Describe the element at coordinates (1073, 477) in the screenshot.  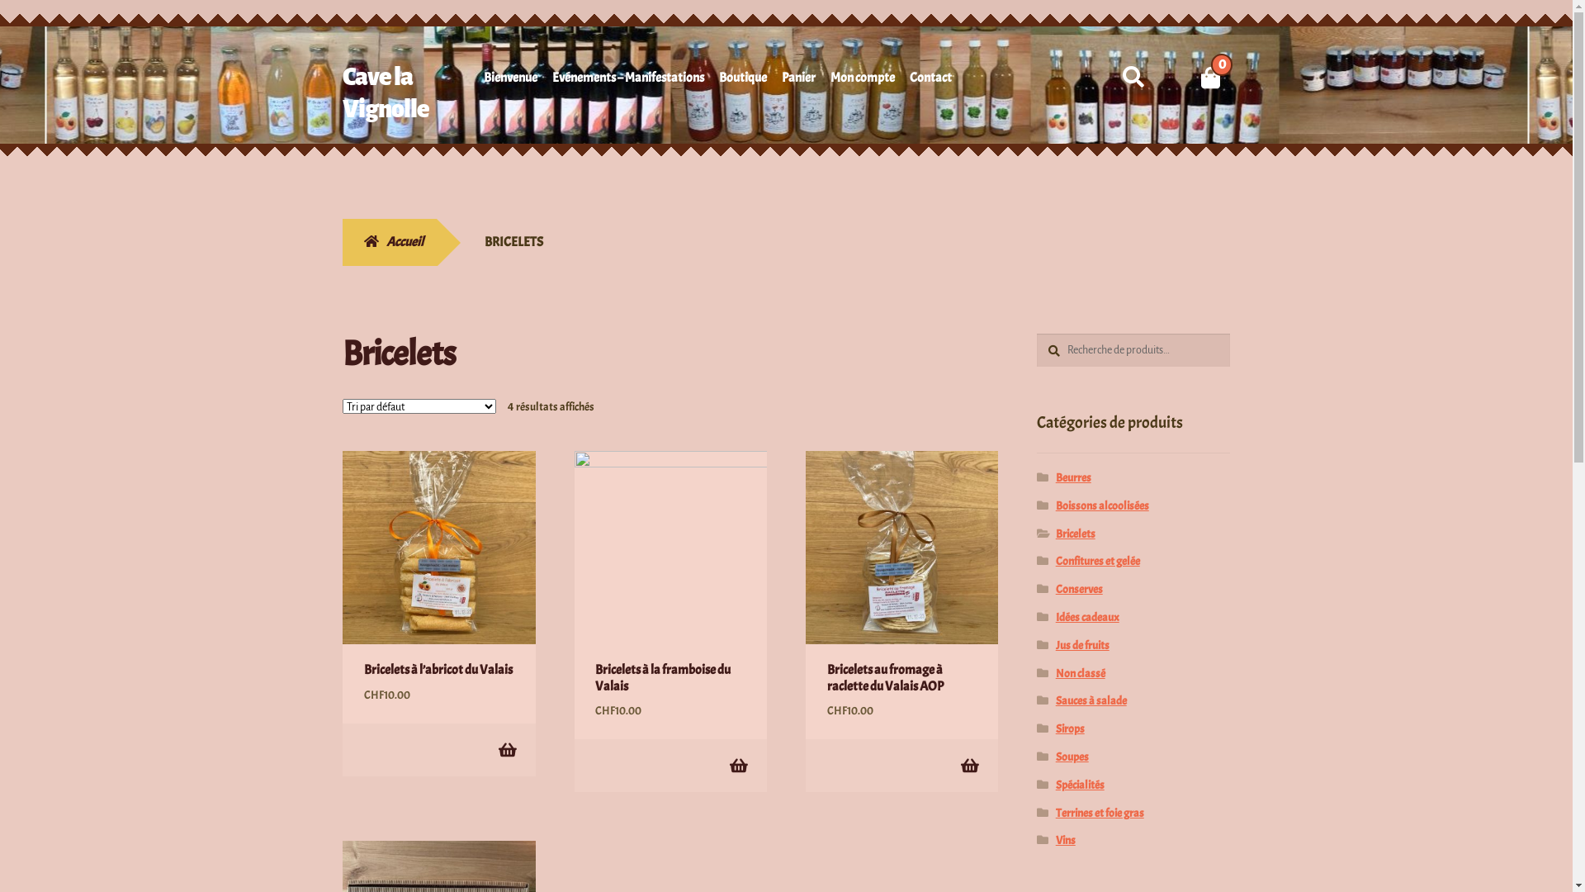
I see `'Beurres'` at that location.